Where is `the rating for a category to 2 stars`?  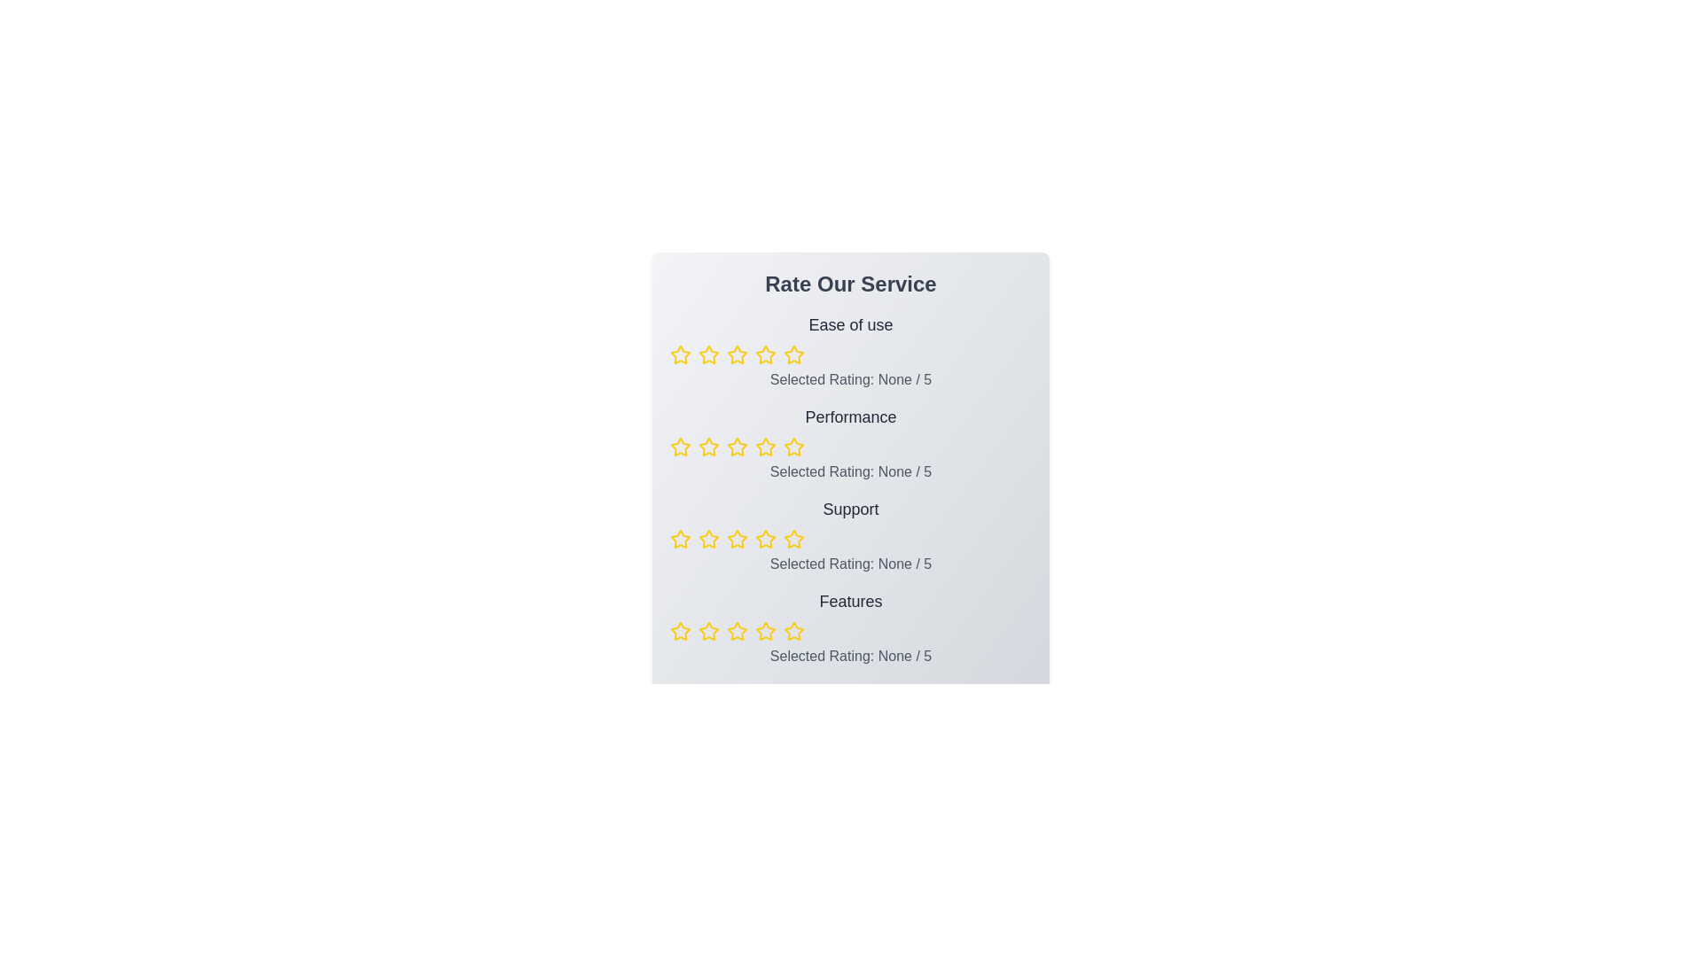 the rating for a category to 2 stars is located at coordinates (709, 355).